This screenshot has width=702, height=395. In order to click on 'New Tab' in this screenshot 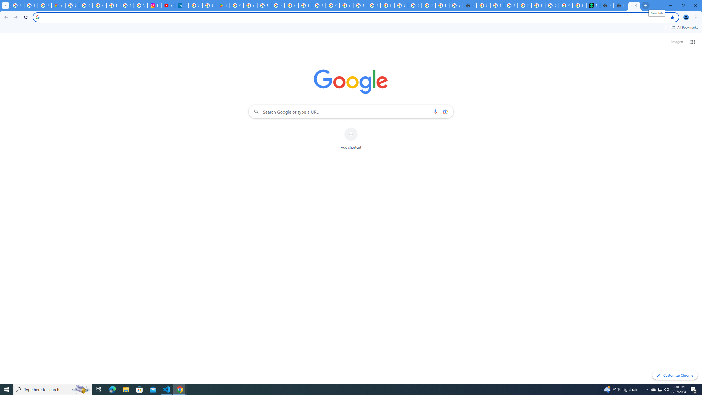, I will do `click(620, 5)`.